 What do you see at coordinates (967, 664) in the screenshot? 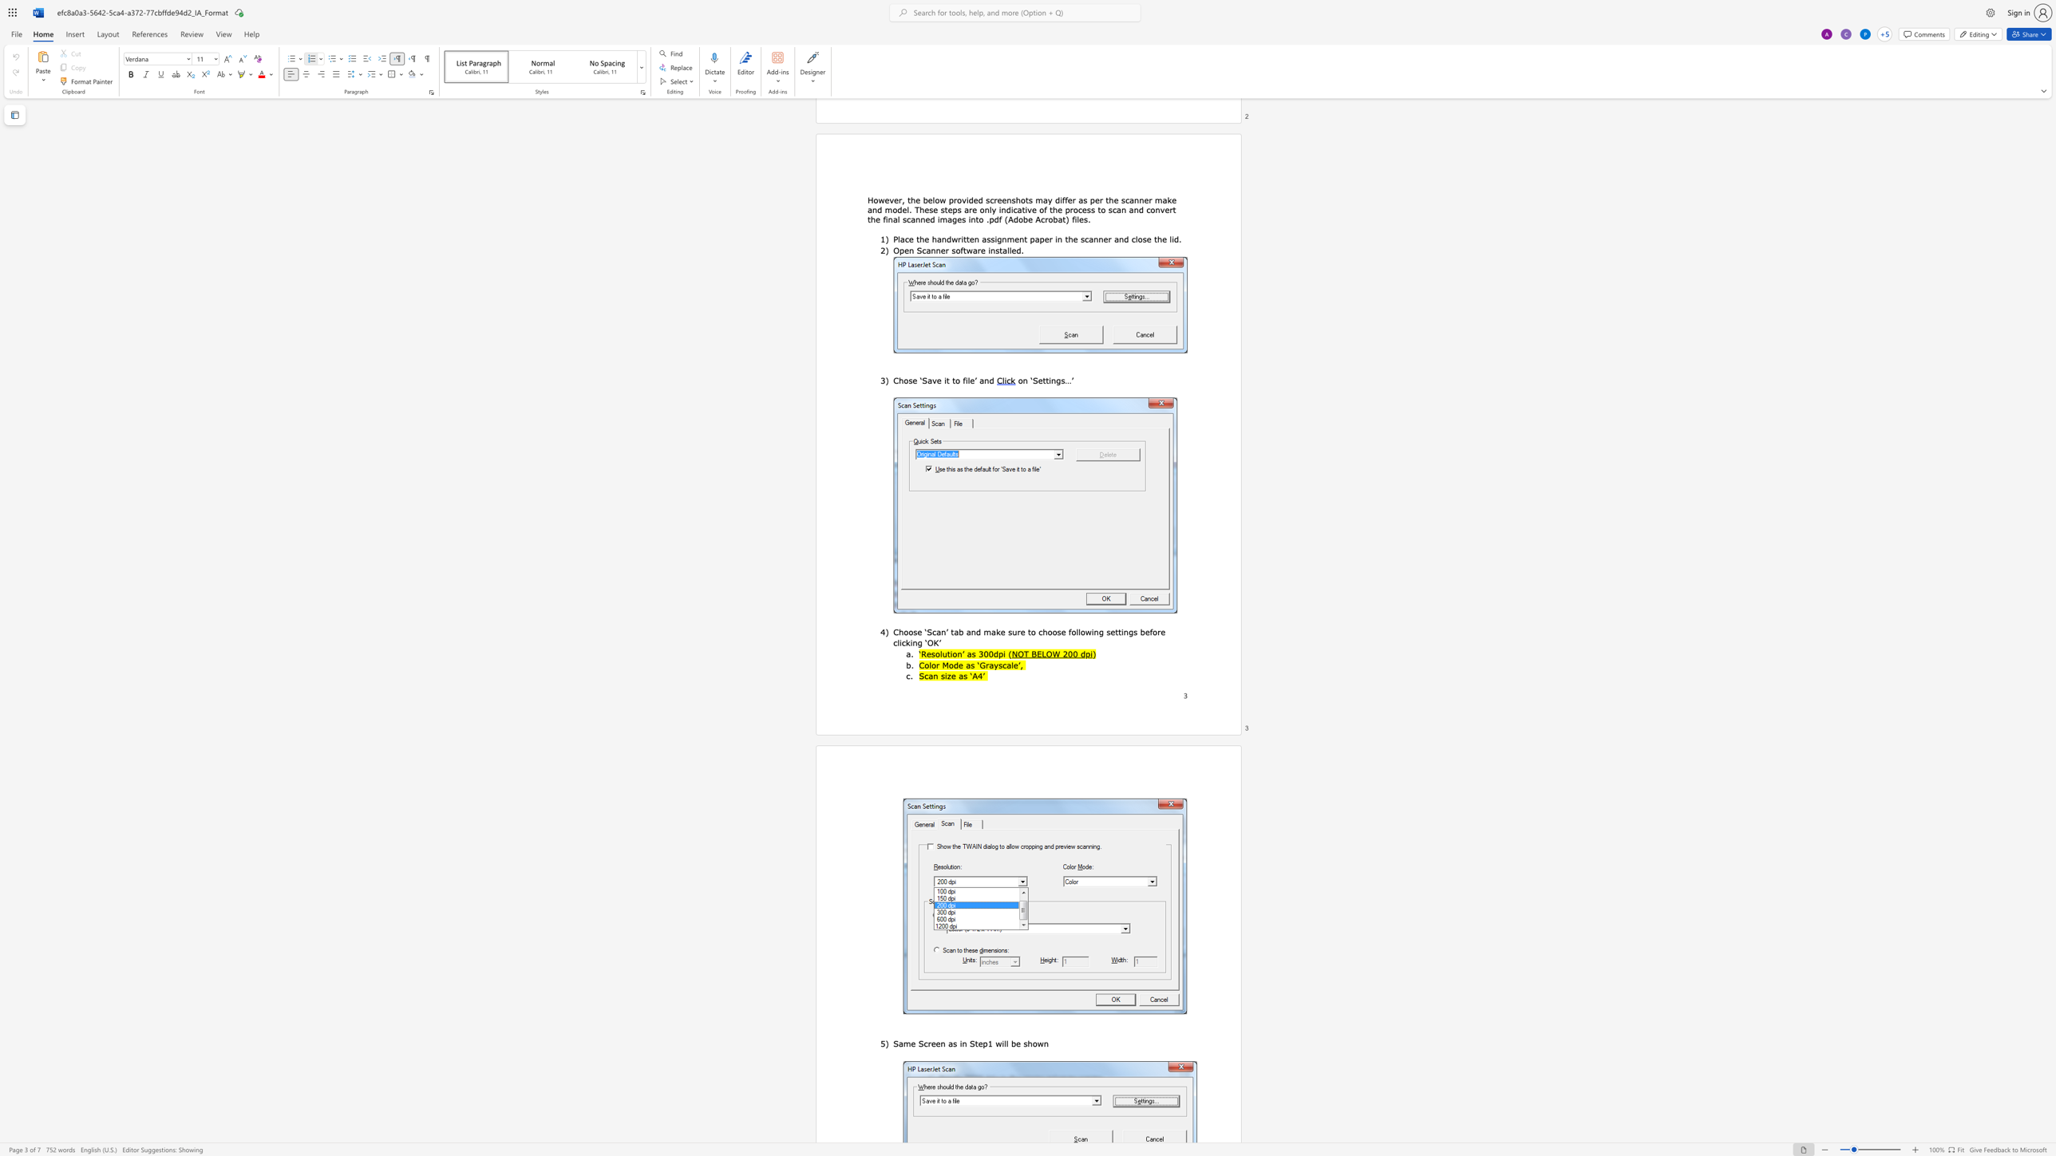
I see `the 1th character "a" in the text` at bounding box center [967, 664].